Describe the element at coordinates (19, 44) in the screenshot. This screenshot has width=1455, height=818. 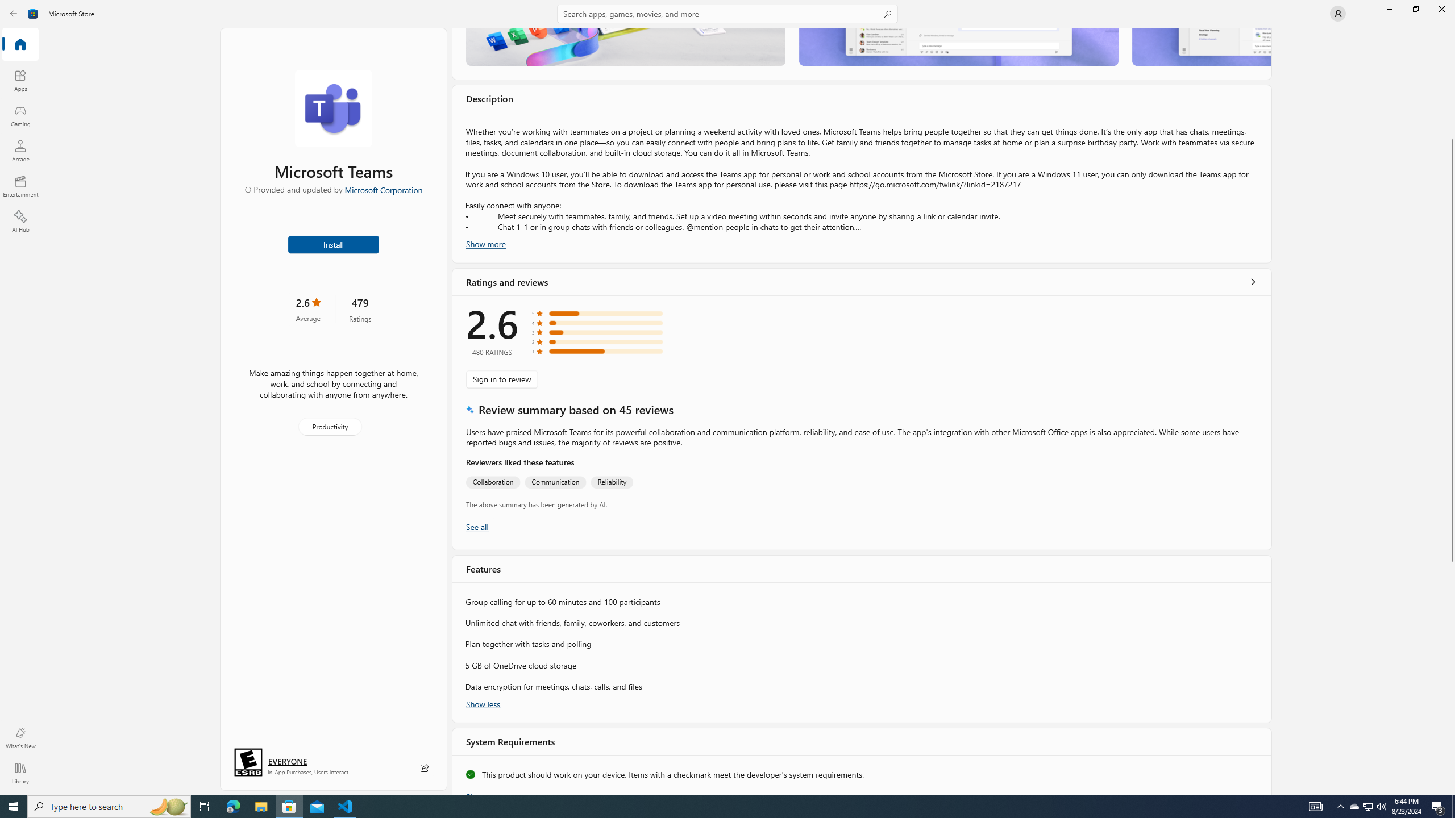
I see `'Home'` at that location.